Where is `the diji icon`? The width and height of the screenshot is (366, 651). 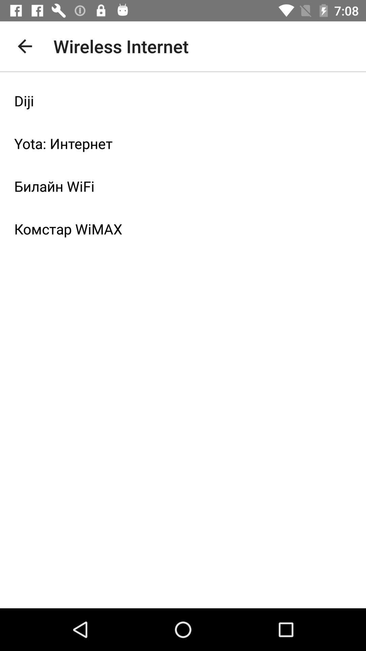 the diji icon is located at coordinates (183, 100).